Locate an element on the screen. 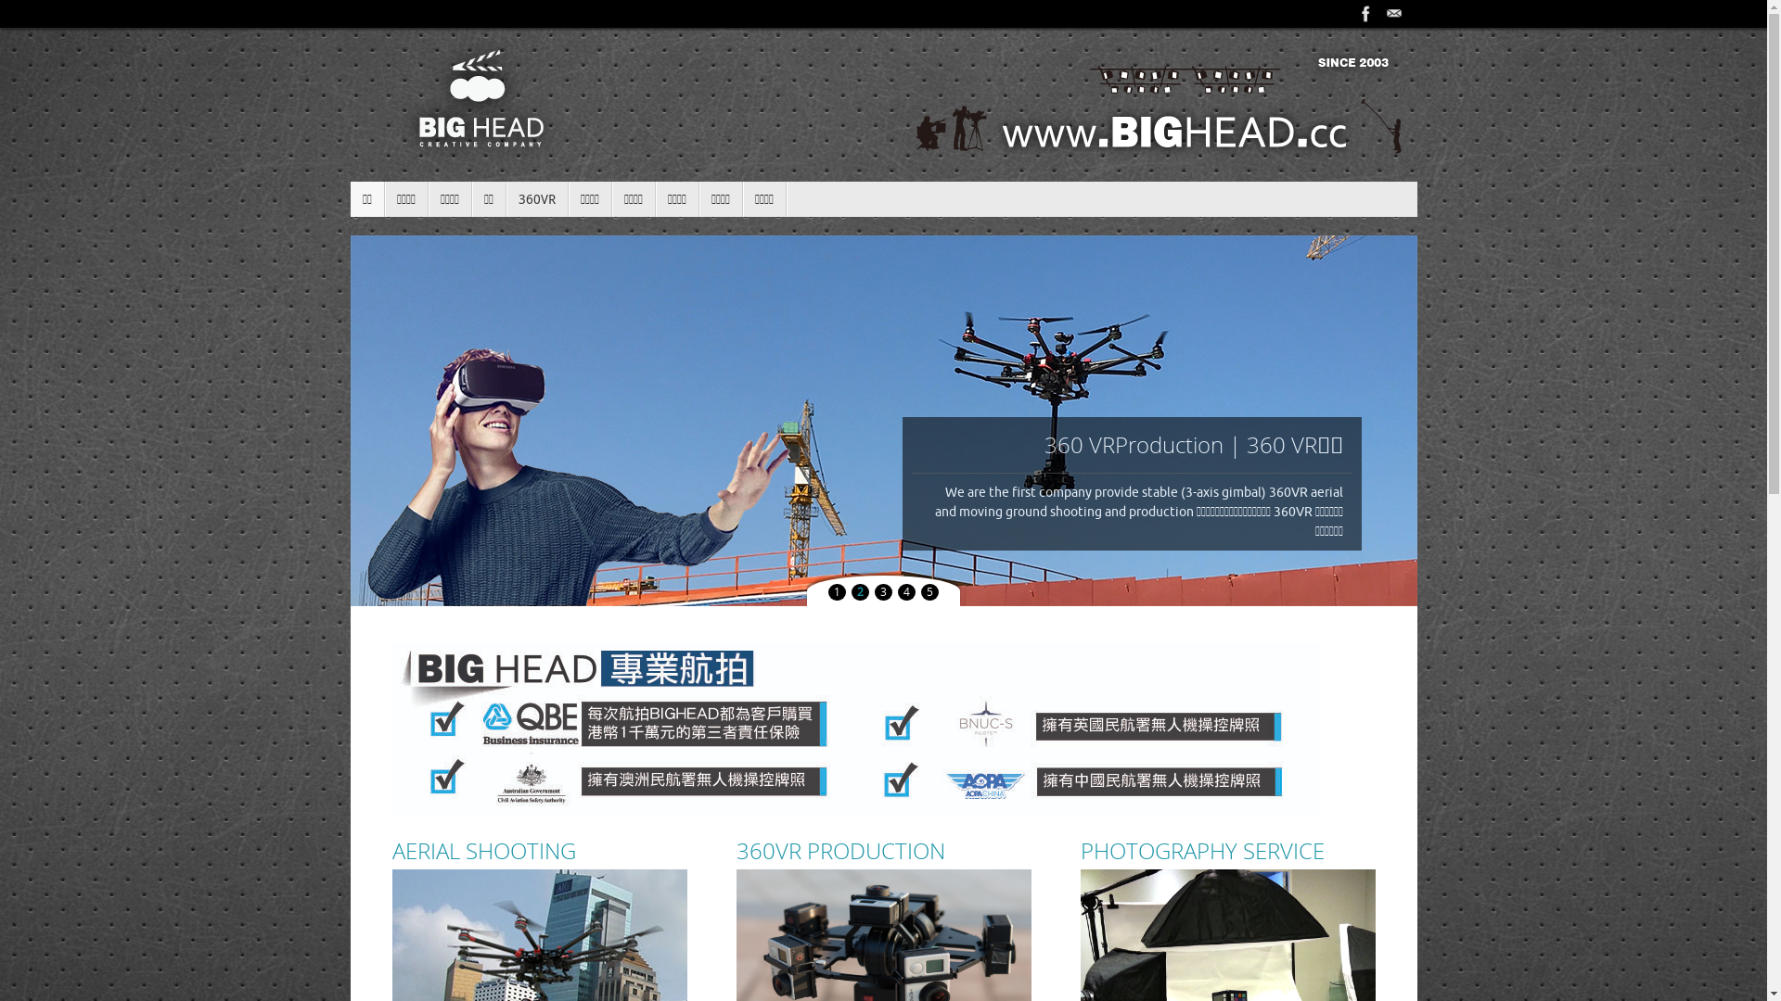 This screenshot has height=1001, width=1781. 'Mail' is located at coordinates (1380, 14).